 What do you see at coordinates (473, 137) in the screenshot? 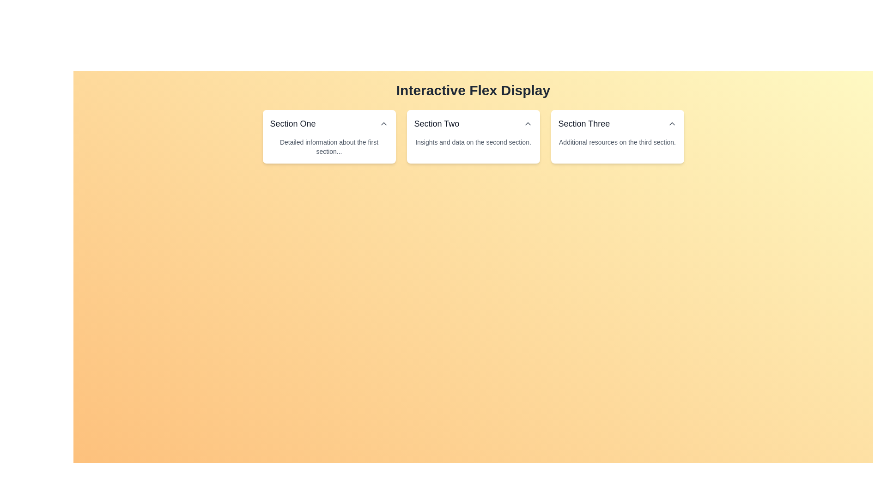
I see `the Card component titled 'Section Two', which serves as a navigation link or summary view and is the second card in a group of three horizontally aligned cards` at bounding box center [473, 137].